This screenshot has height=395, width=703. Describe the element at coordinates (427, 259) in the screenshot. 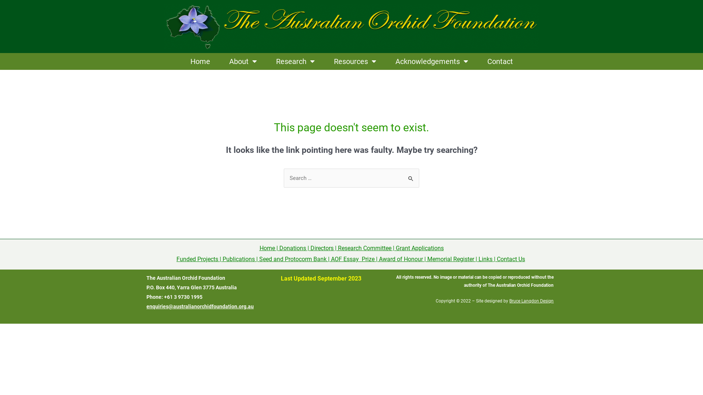

I see `'Memorial Register'` at that location.